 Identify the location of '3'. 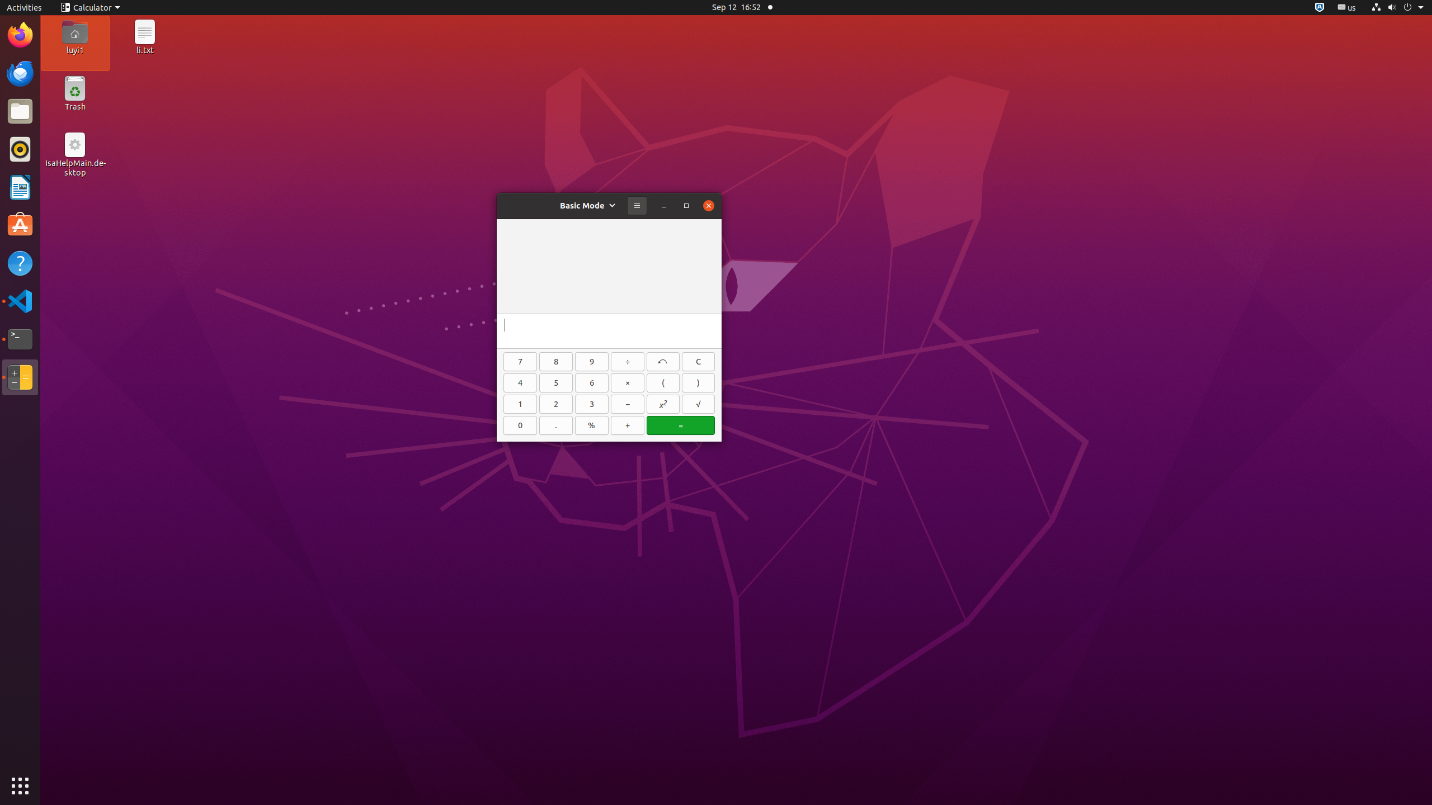
(591, 404).